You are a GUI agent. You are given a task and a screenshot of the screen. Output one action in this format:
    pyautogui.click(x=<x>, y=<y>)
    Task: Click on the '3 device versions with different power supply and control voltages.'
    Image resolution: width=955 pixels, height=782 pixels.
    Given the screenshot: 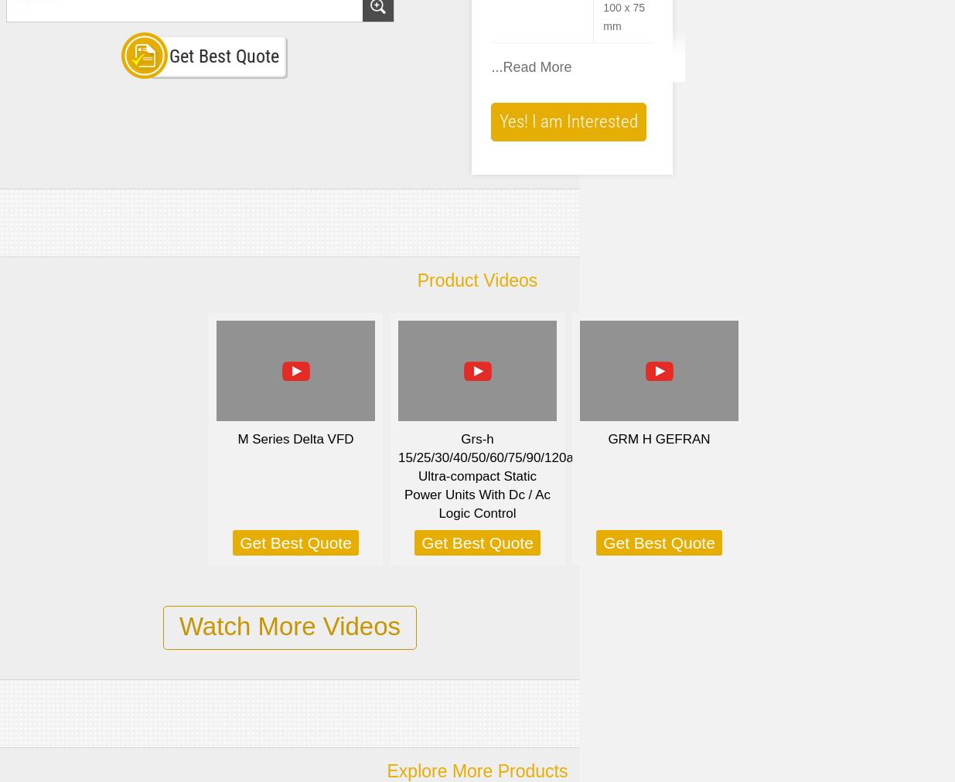 What is the action you would take?
    pyautogui.click(x=511, y=126)
    